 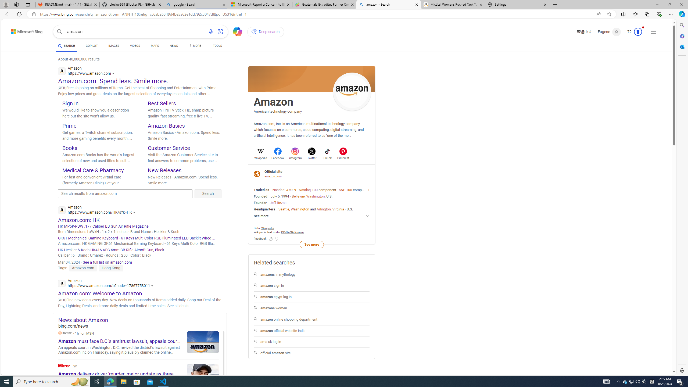 I want to click on 'Eugene', so click(x=609, y=32).